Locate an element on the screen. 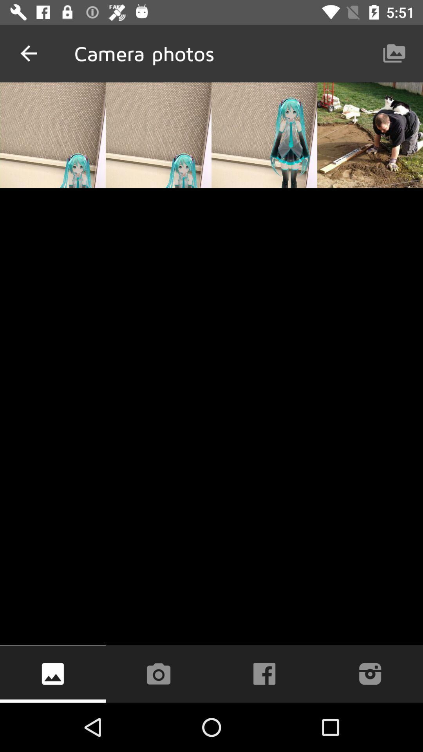  the wallpaper icon is located at coordinates (53, 673).